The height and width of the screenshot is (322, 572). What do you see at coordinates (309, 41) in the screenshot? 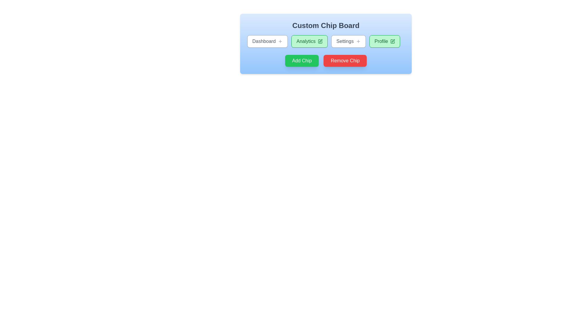
I see `the chip labeled 'Analytics'` at bounding box center [309, 41].